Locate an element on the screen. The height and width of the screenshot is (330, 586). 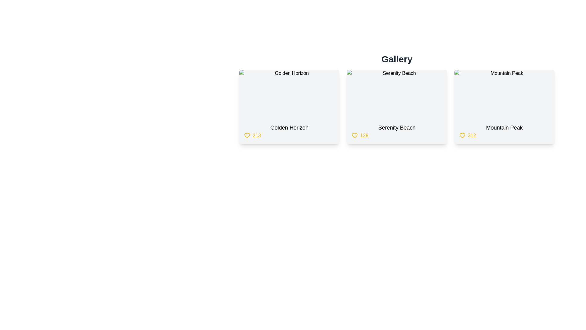
the text block displaying 'Mountain Peak312' with a heart icon, located in the third column of the 'Gallery' section is located at coordinates (504, 131).